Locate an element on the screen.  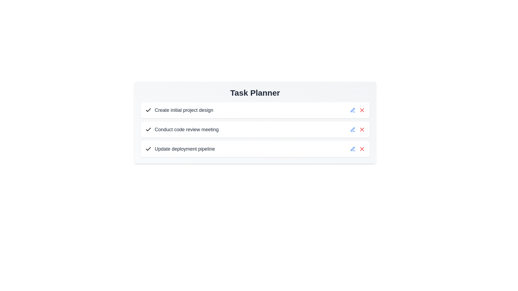
the second checkmark icon next to the task labeled 'Conduct code review meeting' to indicate the completion status of the task is located at coordinates (148, 129).